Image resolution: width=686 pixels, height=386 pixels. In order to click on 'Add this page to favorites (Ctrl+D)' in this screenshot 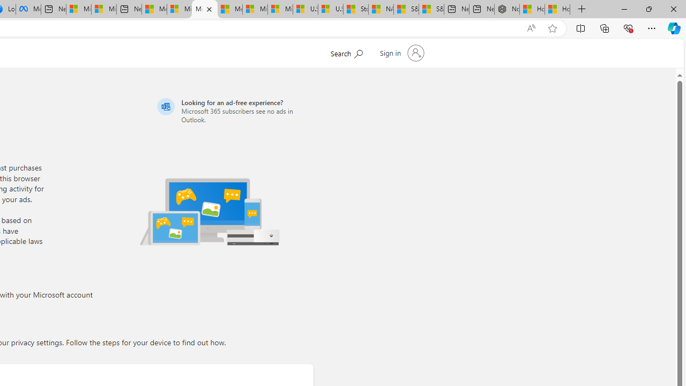, I will do `click(553, 28)`.